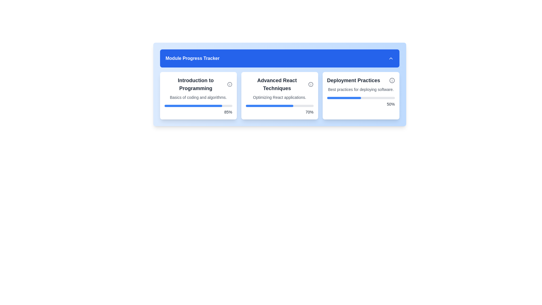  Describe the element at coordinates (193, 106) in the screenshot. I see `the progress bar indicating the completion percentage of the 'Introduction to Programming' module, located within the 'Module Progress Tracker' section` at that location.